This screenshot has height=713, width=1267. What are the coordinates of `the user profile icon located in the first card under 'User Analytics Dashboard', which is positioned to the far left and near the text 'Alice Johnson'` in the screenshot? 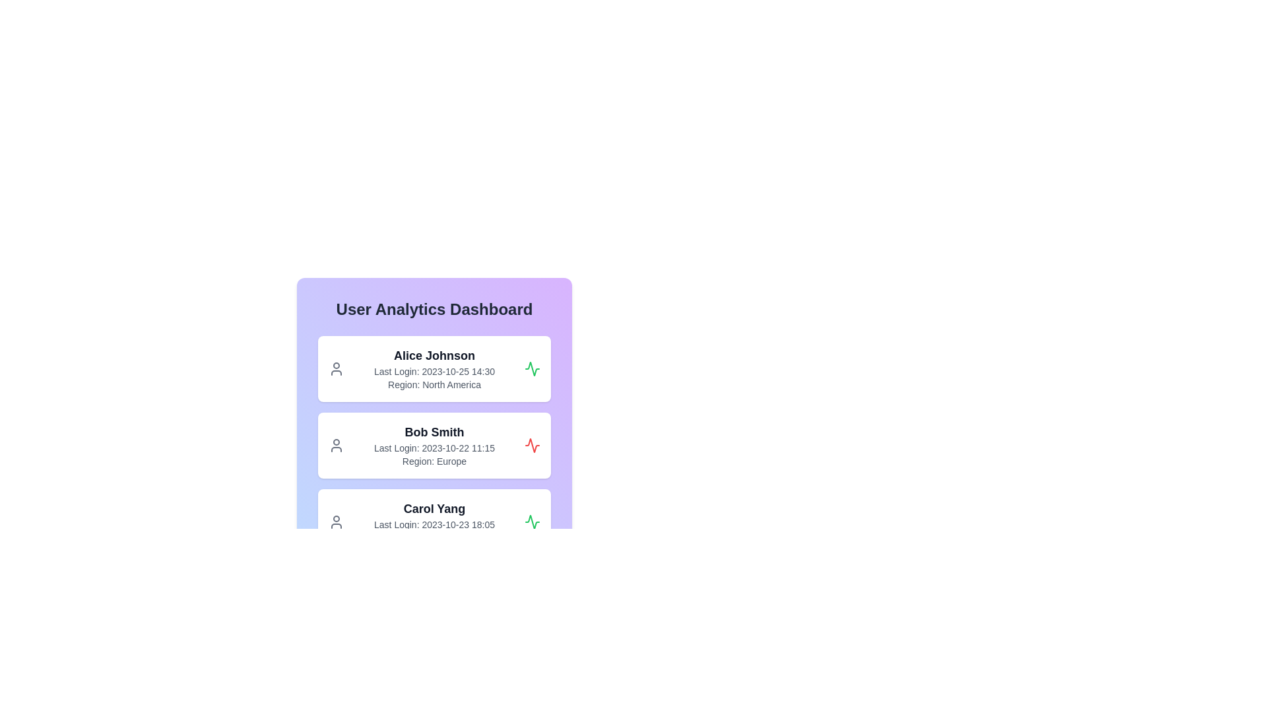 It's located at (336, 369).